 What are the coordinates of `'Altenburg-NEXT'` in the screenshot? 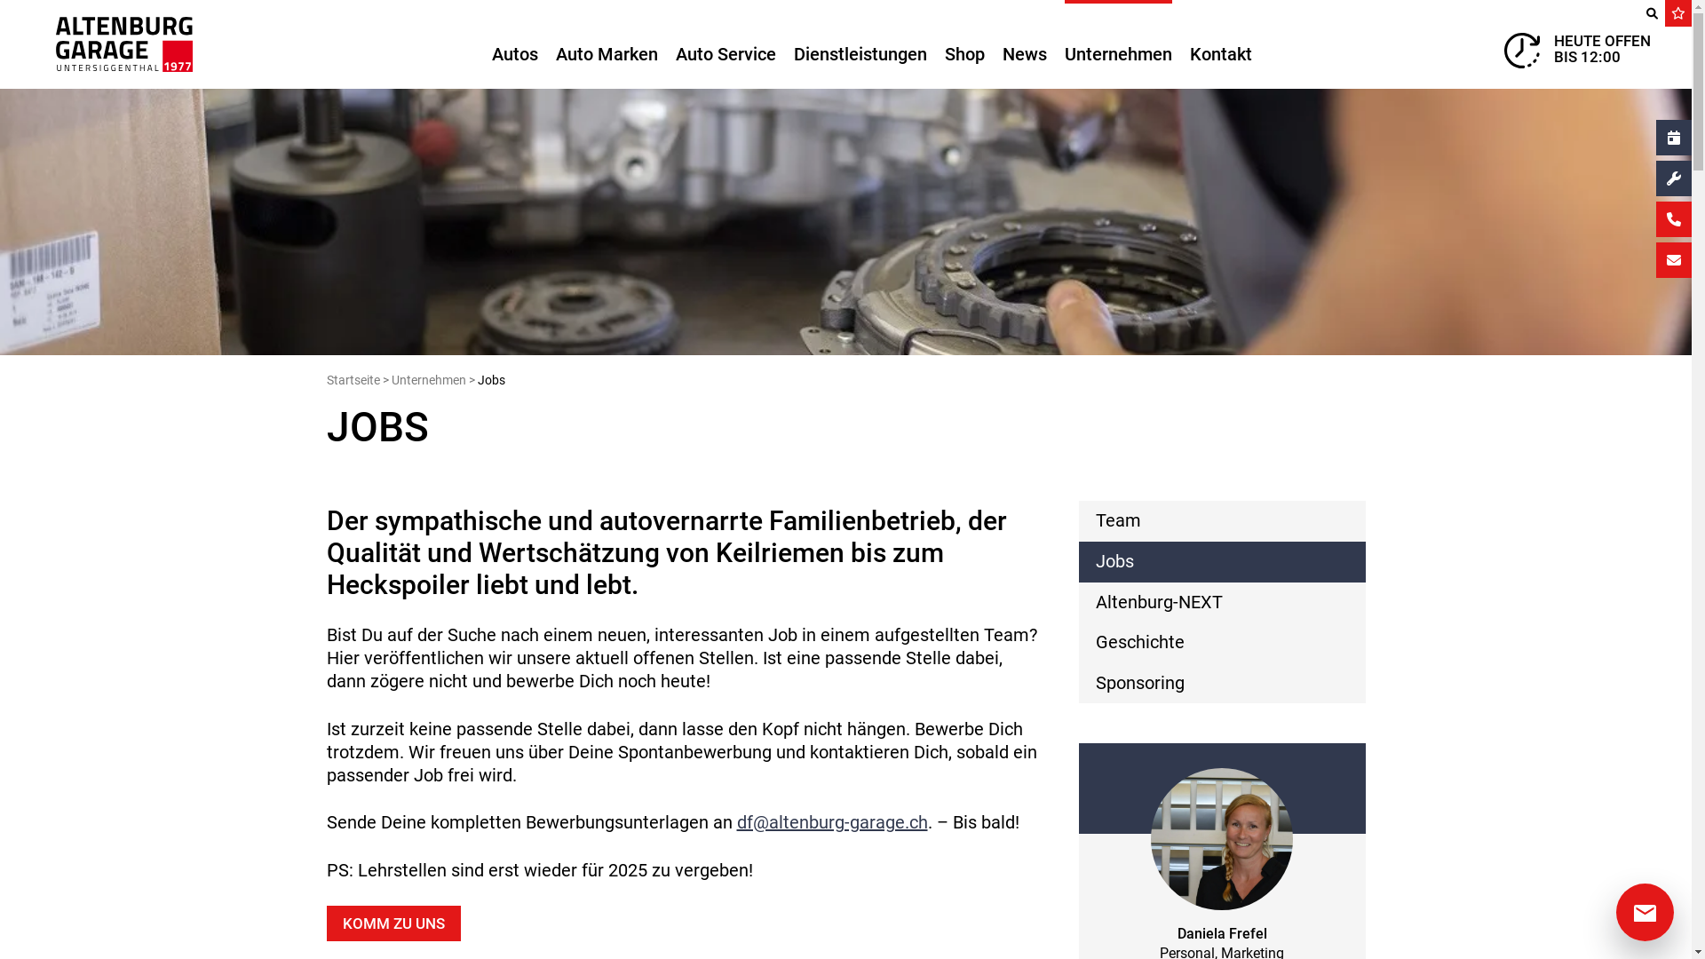 It's located at (1220, 601).